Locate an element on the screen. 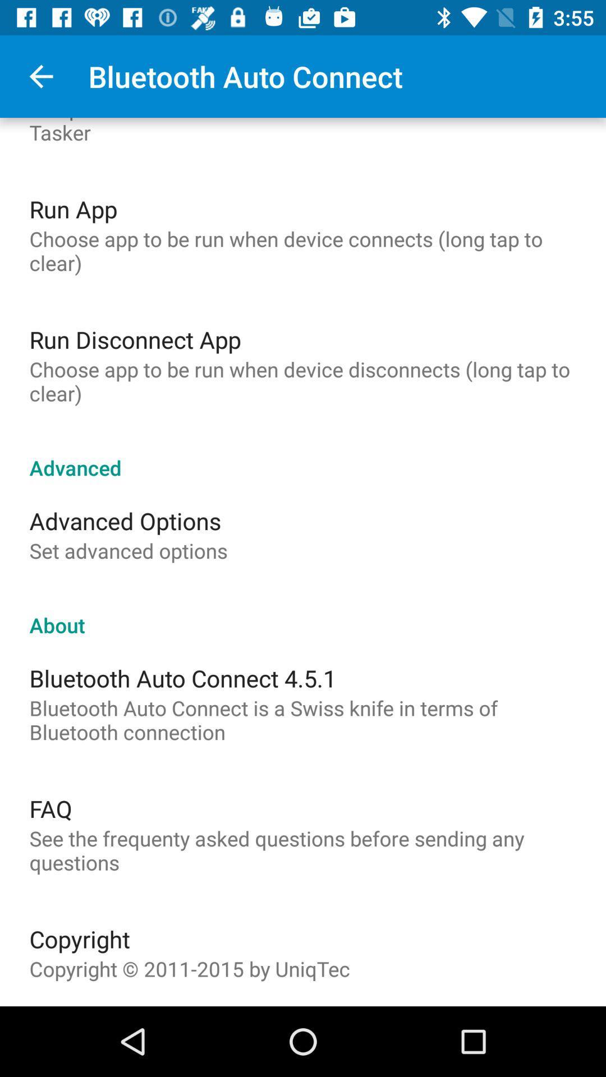 This screenshot has width=606, height=1077. the item next to bluetooth auto connect icon is located at coordinates (40, 76).